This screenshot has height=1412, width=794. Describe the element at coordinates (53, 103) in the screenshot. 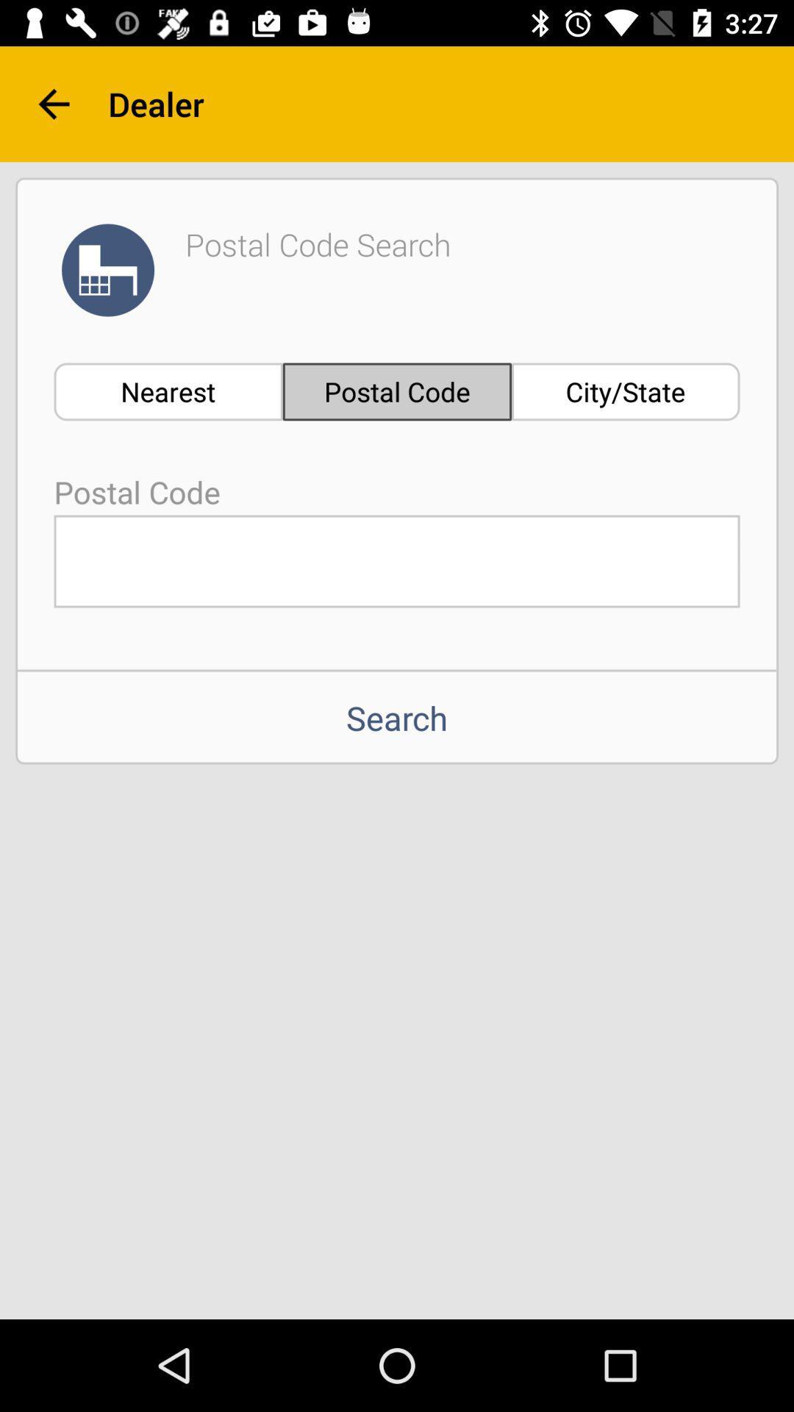

I see `the item to the left of the dealer icon` at that location.